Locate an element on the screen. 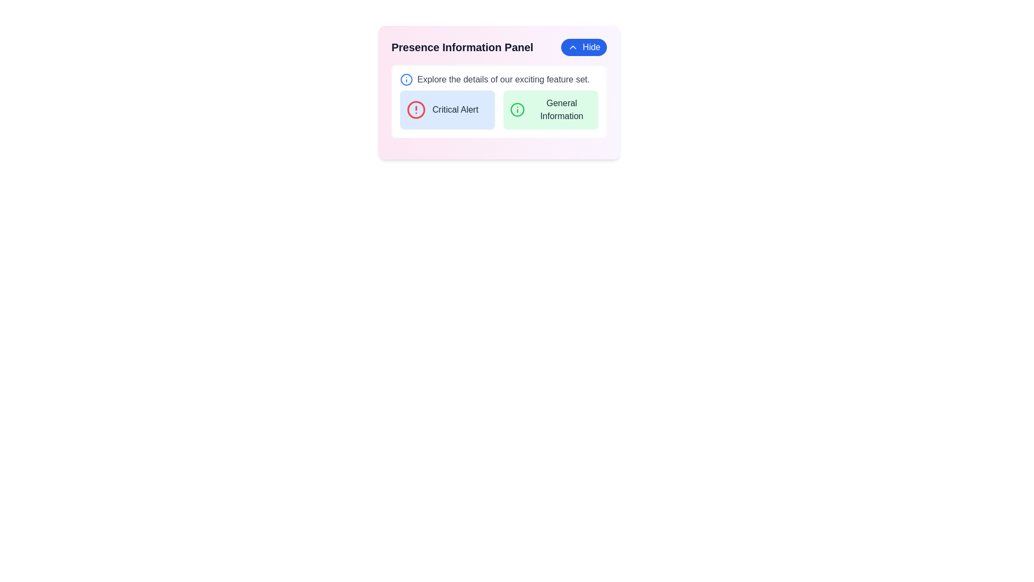  the second informational card in the Presence Information Panel is located at coordinates (550, 110).